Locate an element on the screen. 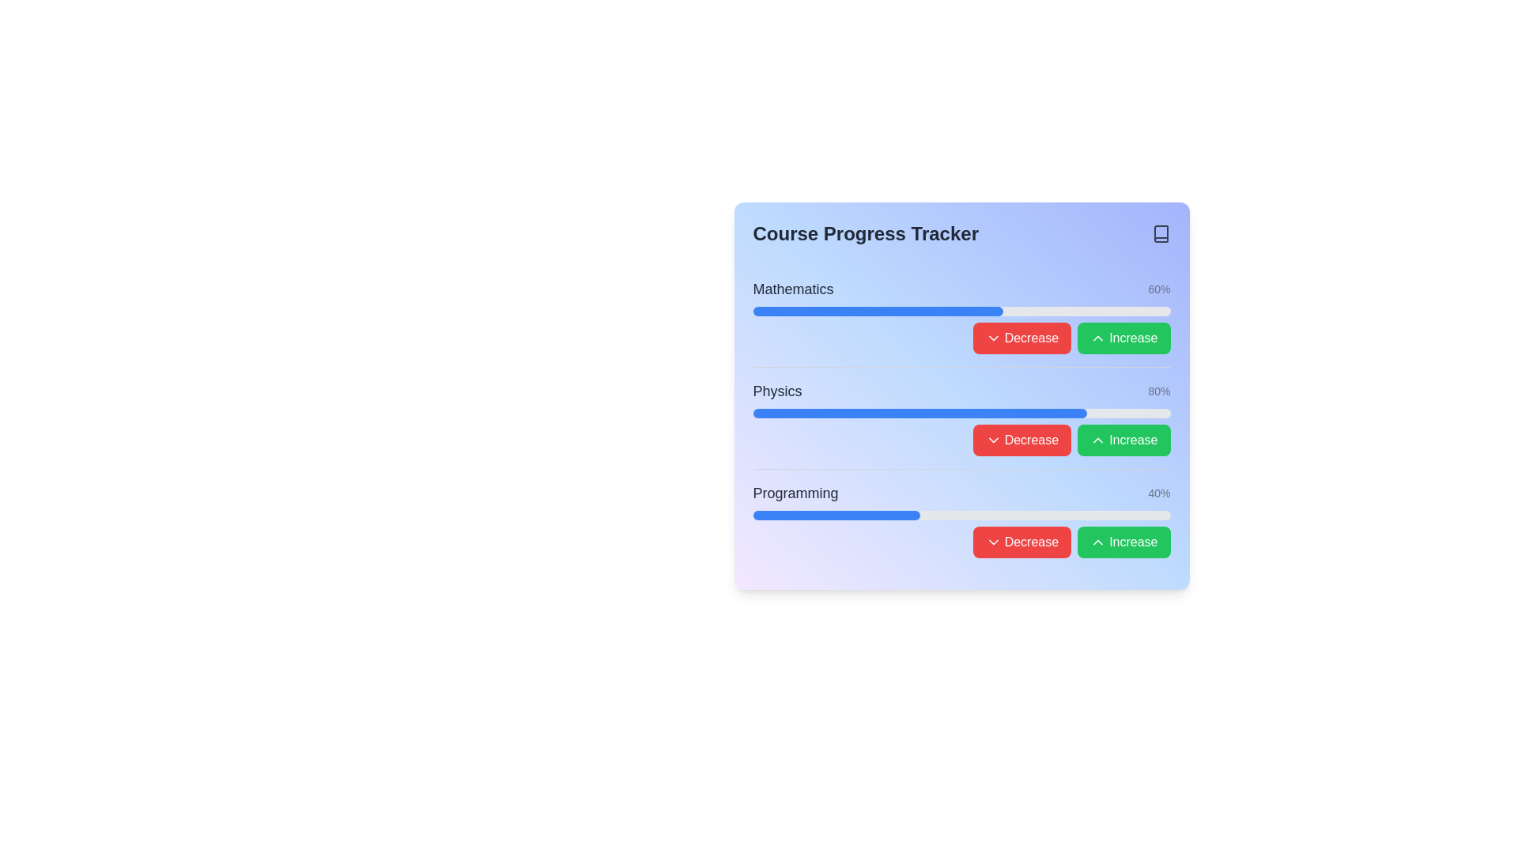 Image resolution: width=1518 pixels, height=854 pixels. the book icon located in the upper-right corner of the course progress tracker panel is located at coordinates (1161, 234).